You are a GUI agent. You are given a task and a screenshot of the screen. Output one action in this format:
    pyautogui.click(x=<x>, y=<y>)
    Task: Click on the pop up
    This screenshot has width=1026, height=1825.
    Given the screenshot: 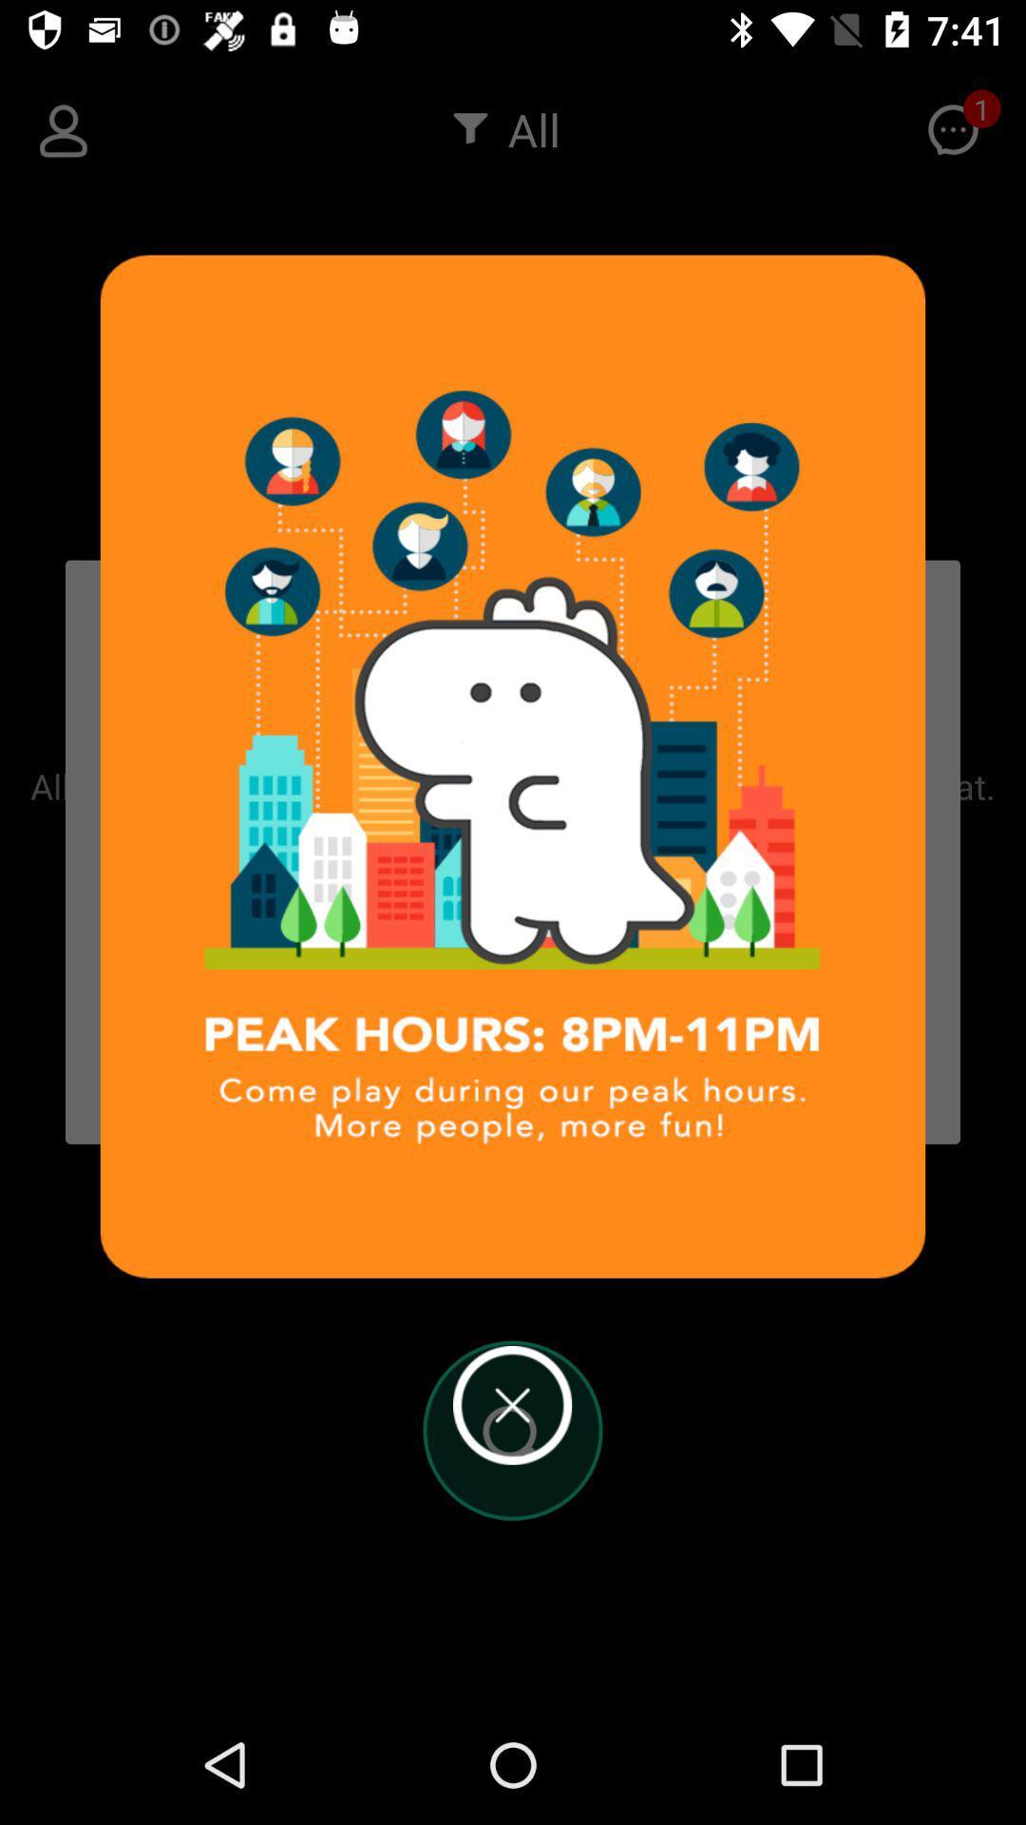 What is the action you would take?
    pyautogui.click(x=511, y=1405)
    